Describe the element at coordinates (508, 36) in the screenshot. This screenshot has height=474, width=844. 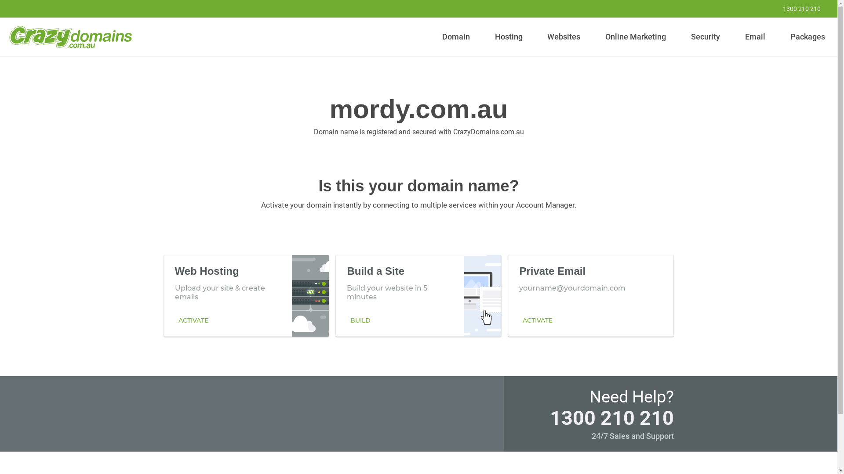
I see `'Hosting'` at that location.